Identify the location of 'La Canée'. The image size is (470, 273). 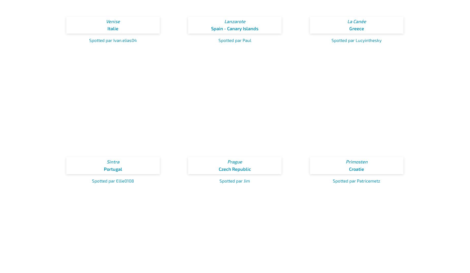
(356, 21).